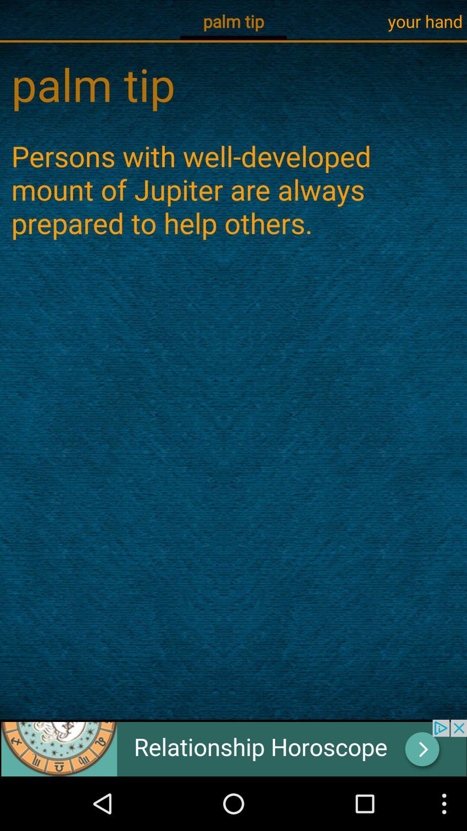 The height and width of the screenshot is (831, 467). Describe the element at coordinates (233, 747) in the screenshot. I see `advertisement` at that location.